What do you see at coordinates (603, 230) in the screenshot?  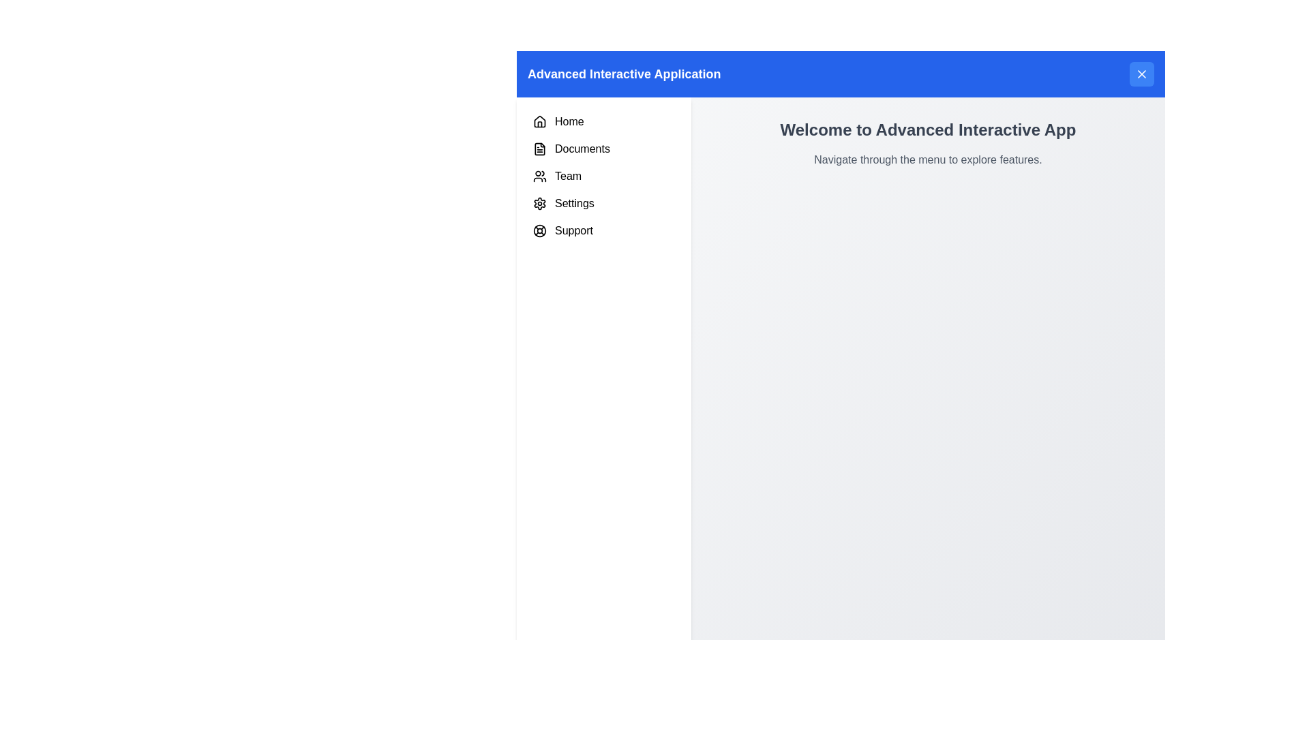 I see `the 'Support' menu item located as the fifth option in the vertical navigation menu` at bounding box center [603, 230].